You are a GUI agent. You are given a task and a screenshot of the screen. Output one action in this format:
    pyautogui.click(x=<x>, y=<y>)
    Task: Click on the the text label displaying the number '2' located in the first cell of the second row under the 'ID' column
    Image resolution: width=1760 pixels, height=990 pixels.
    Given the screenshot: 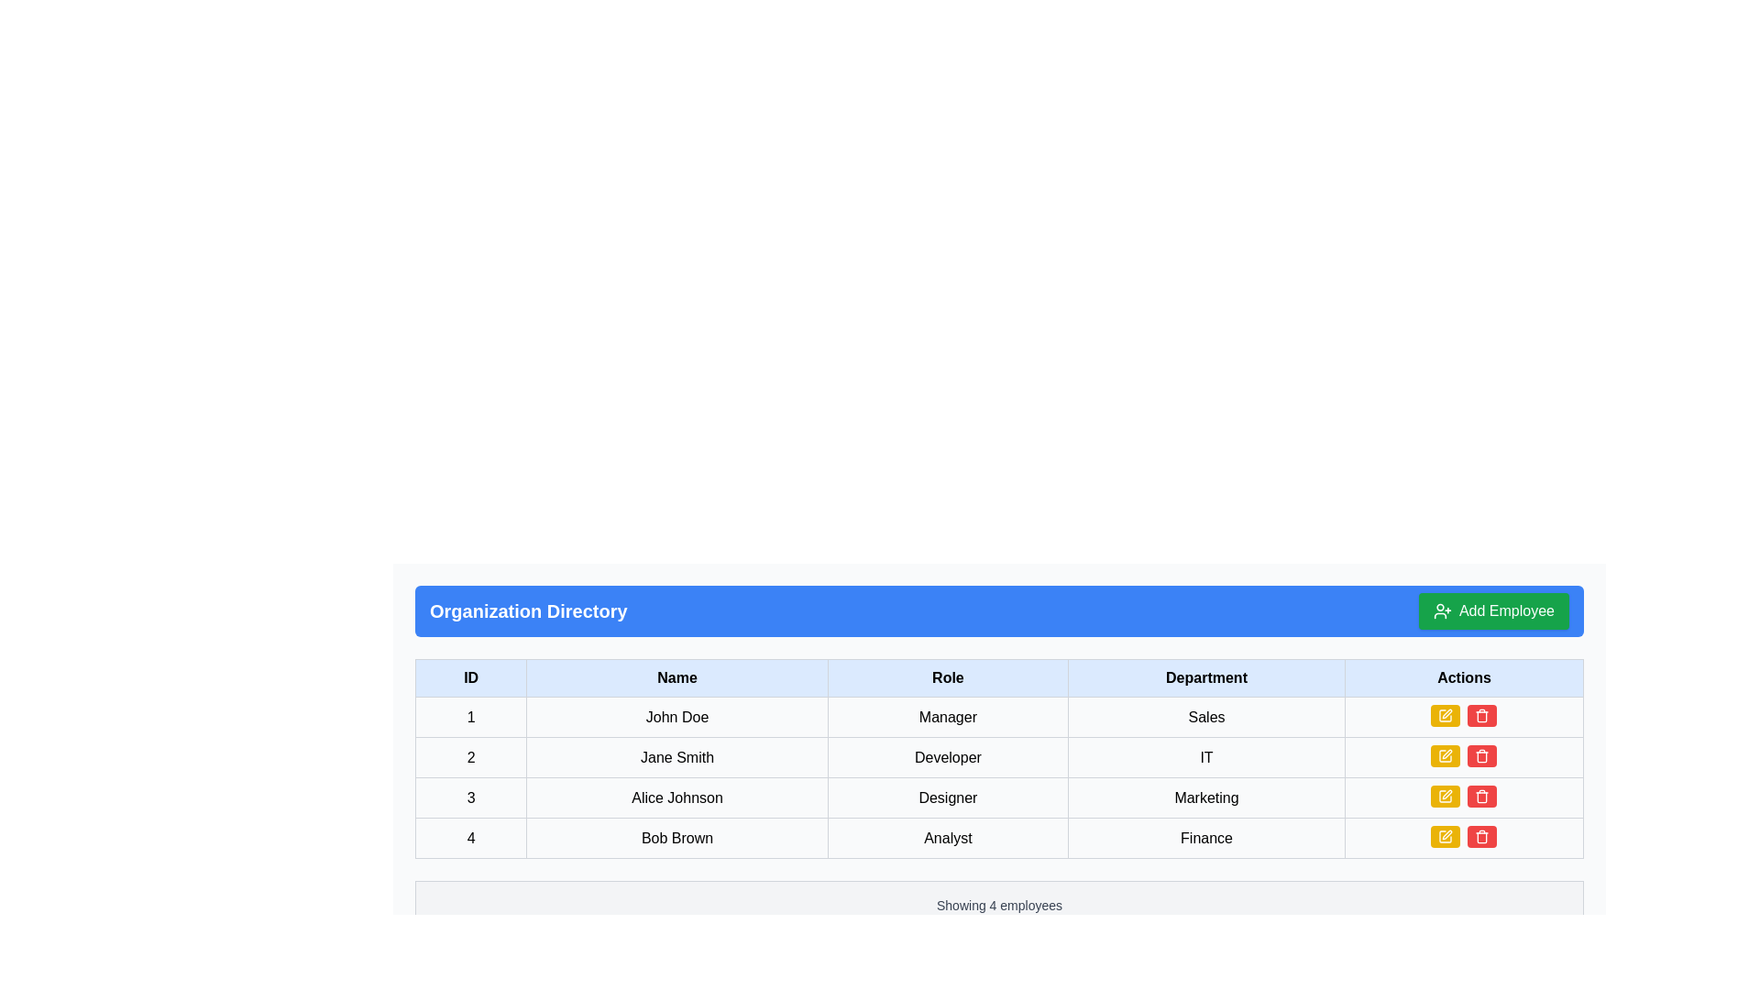 What is the action you would take?
    pyautogui.click(x=471, y=757)
    